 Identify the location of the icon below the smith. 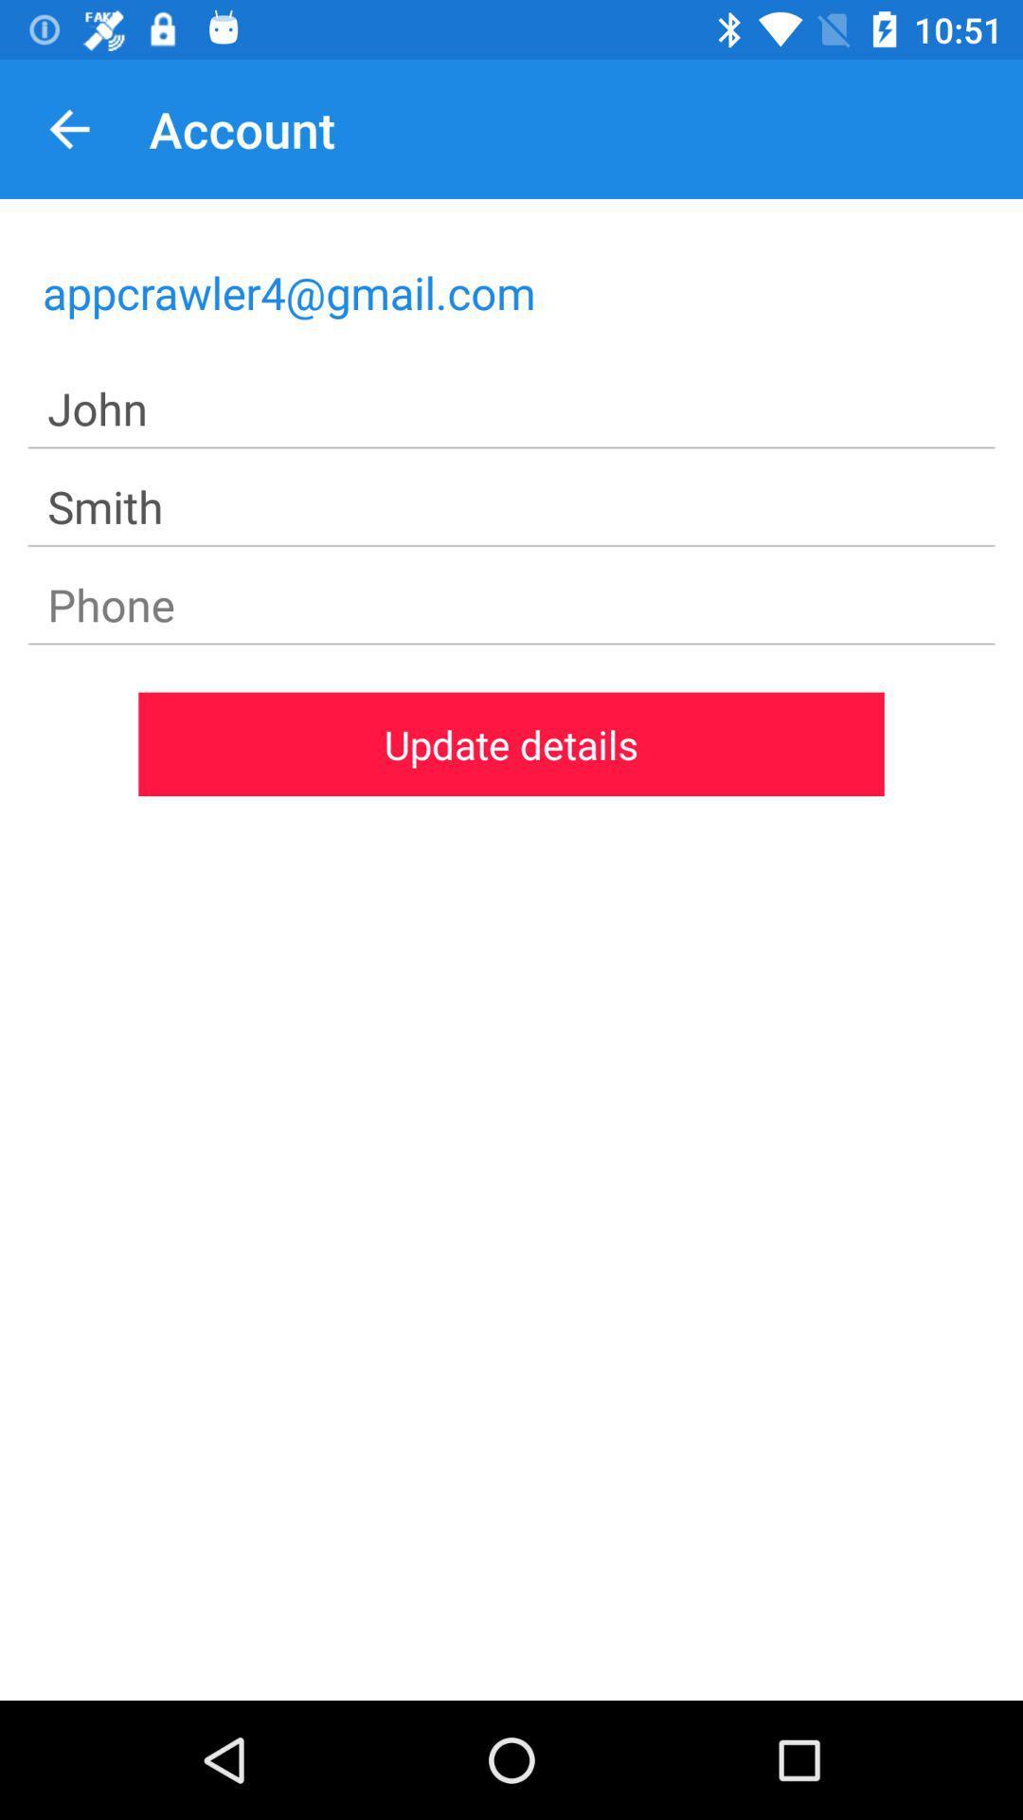
(511, 604).